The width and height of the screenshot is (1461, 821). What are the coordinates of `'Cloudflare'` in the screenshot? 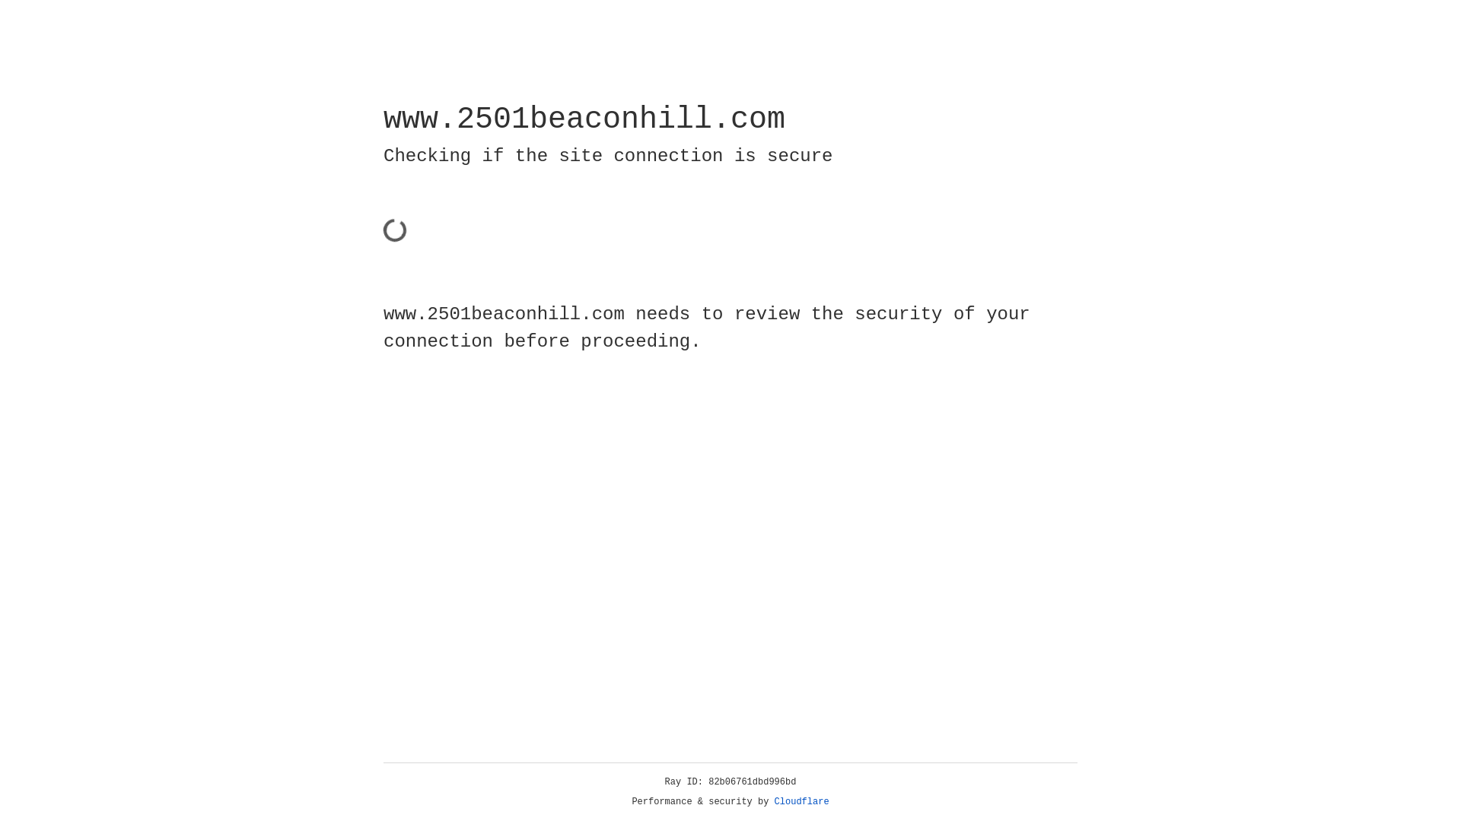 It's located at (774, 801).